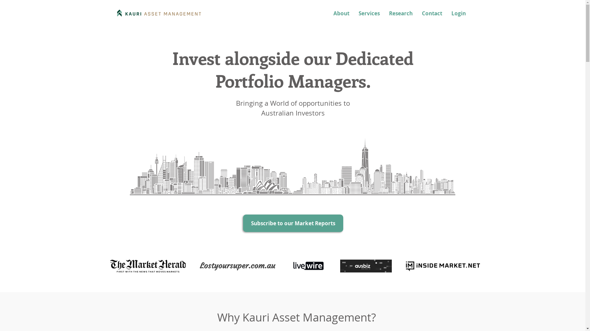 The height and width of the screenshot is (331, 590). Describe the element at coordinates (293, 223) in the screenshot. I see `'Subscribe to our Market Reports'` at that location.